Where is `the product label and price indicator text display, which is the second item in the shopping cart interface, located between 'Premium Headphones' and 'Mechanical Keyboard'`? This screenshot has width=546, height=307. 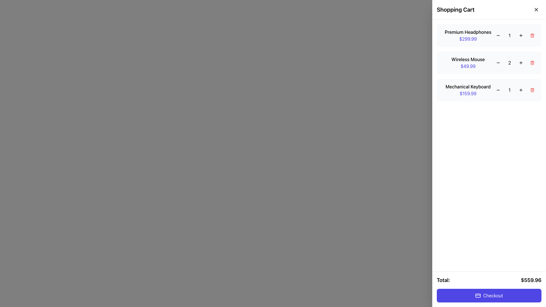 the product label and price indicator text display, which is the second item in the shopping cart interface, located between 'Premium Headphones' and 'Mechanical Keyboard' is located at coordinates (468, 63).